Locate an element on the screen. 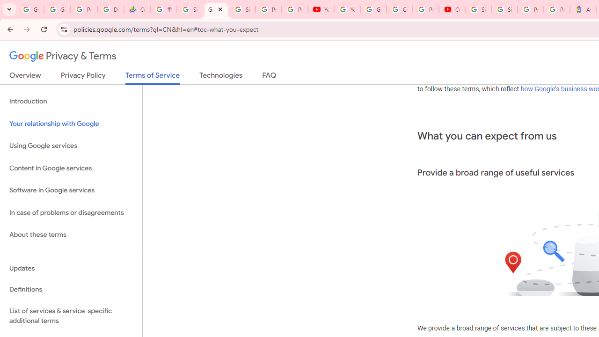  'Terms of Service' is located at coordinates (153, 77).